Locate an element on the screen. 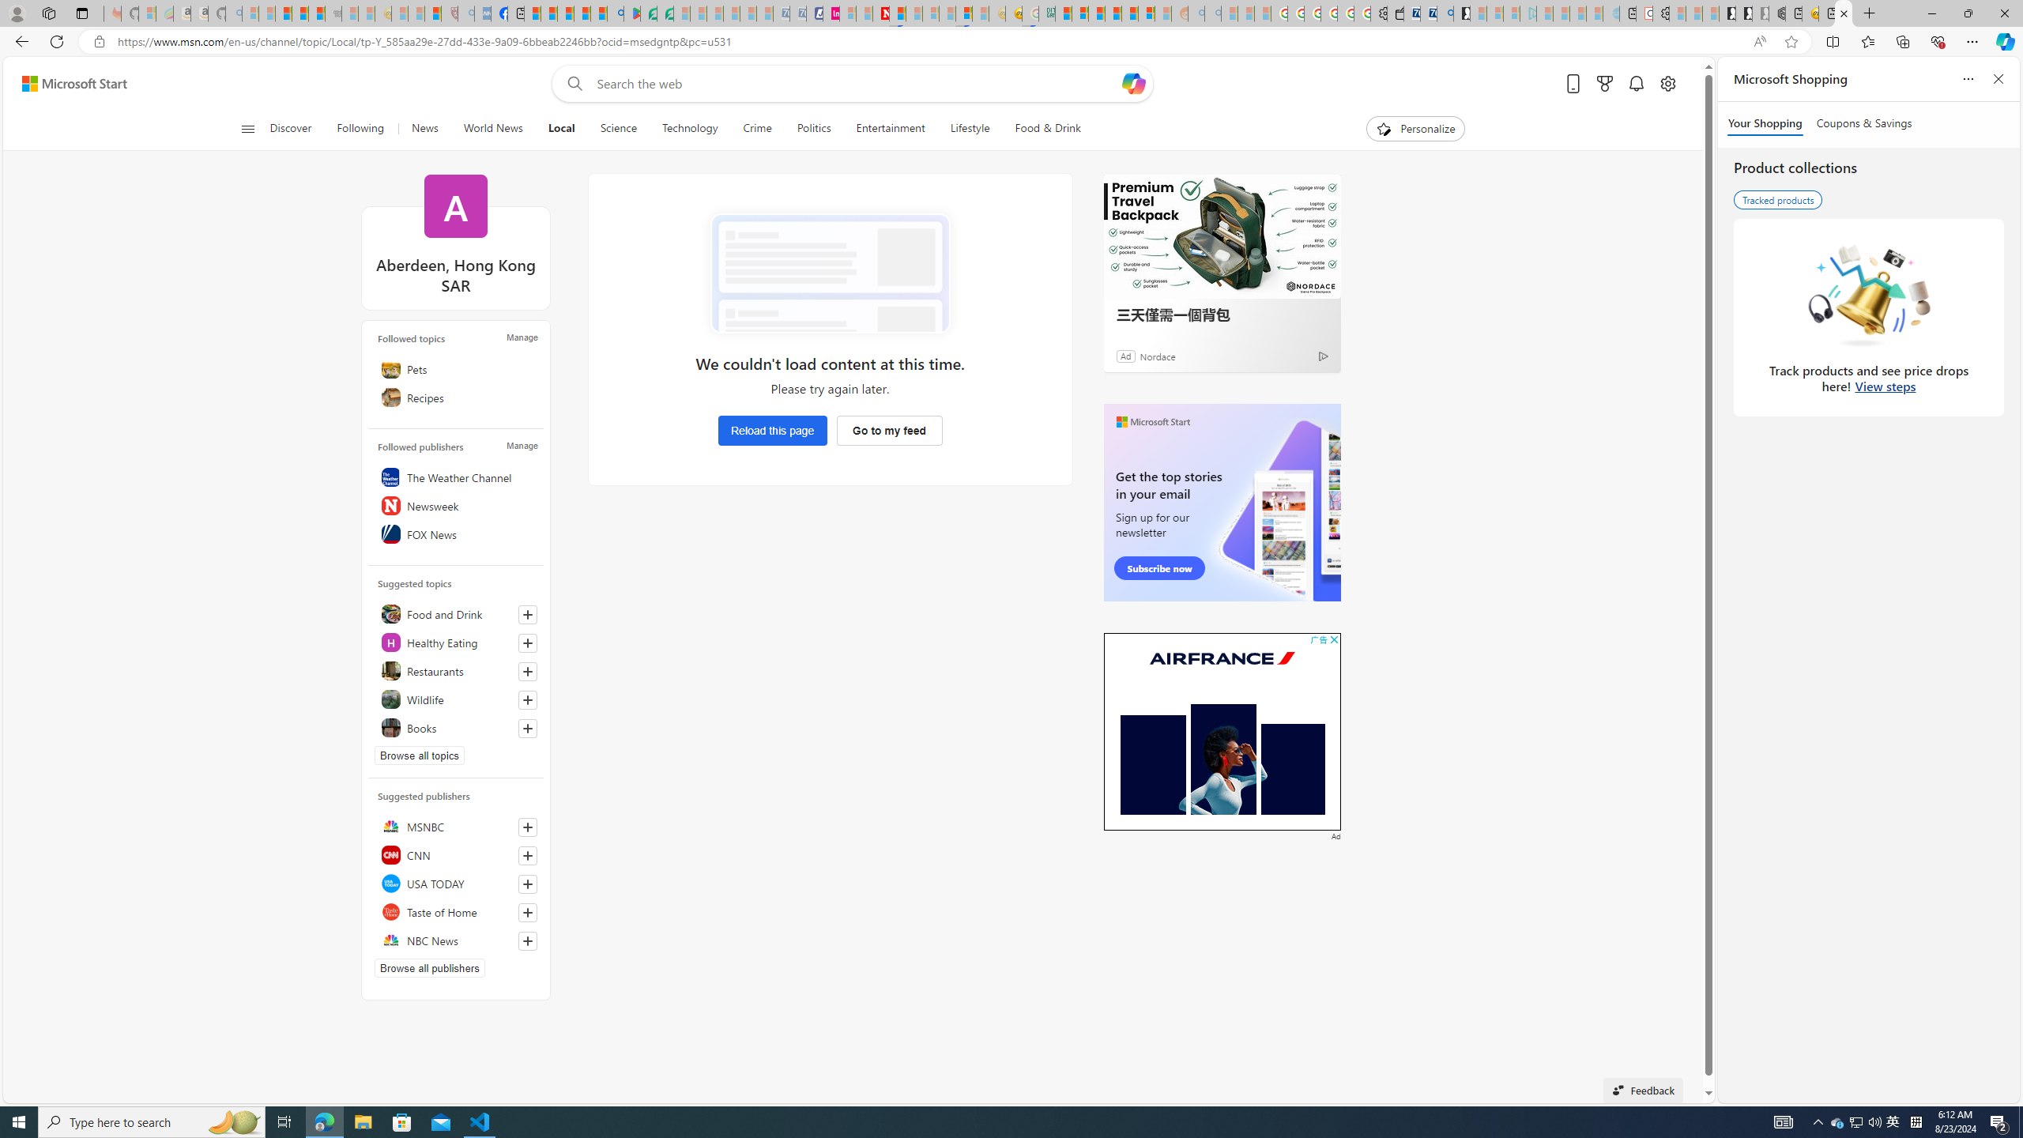 The width and height of the screenshot is (2023, 1138). 'Technology' is located at coordinates (689, 128).